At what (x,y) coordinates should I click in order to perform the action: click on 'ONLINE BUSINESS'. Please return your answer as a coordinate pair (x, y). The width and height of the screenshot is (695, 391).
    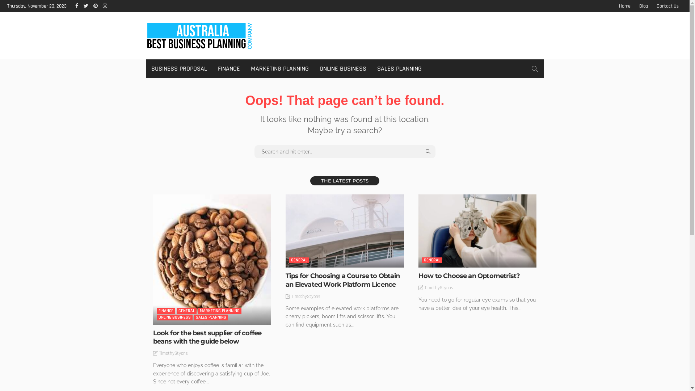
    Looking at the image, I should click on (174, 317).